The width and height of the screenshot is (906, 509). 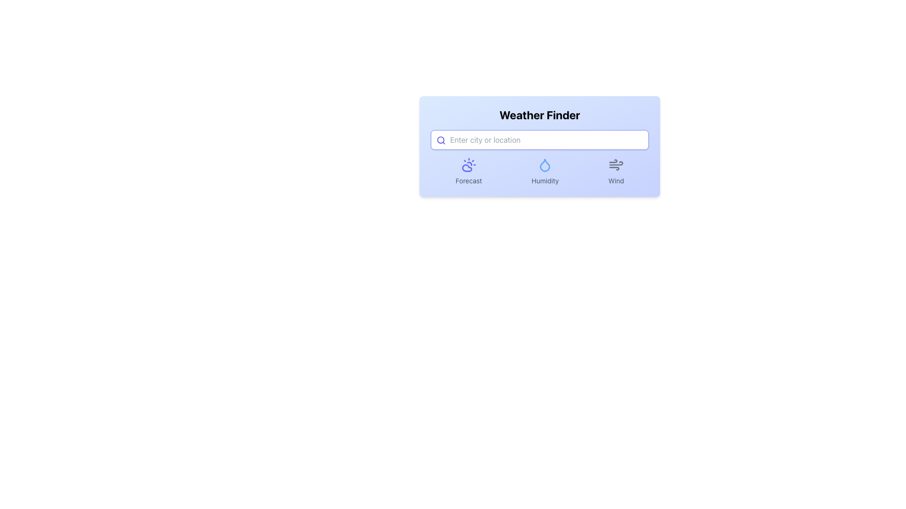 What do you see at coordinates (545, 181) in the screenshot?
I see `the humidity information text label located in the second column, directly below the droplet icon` at bounding box center [545, 181].